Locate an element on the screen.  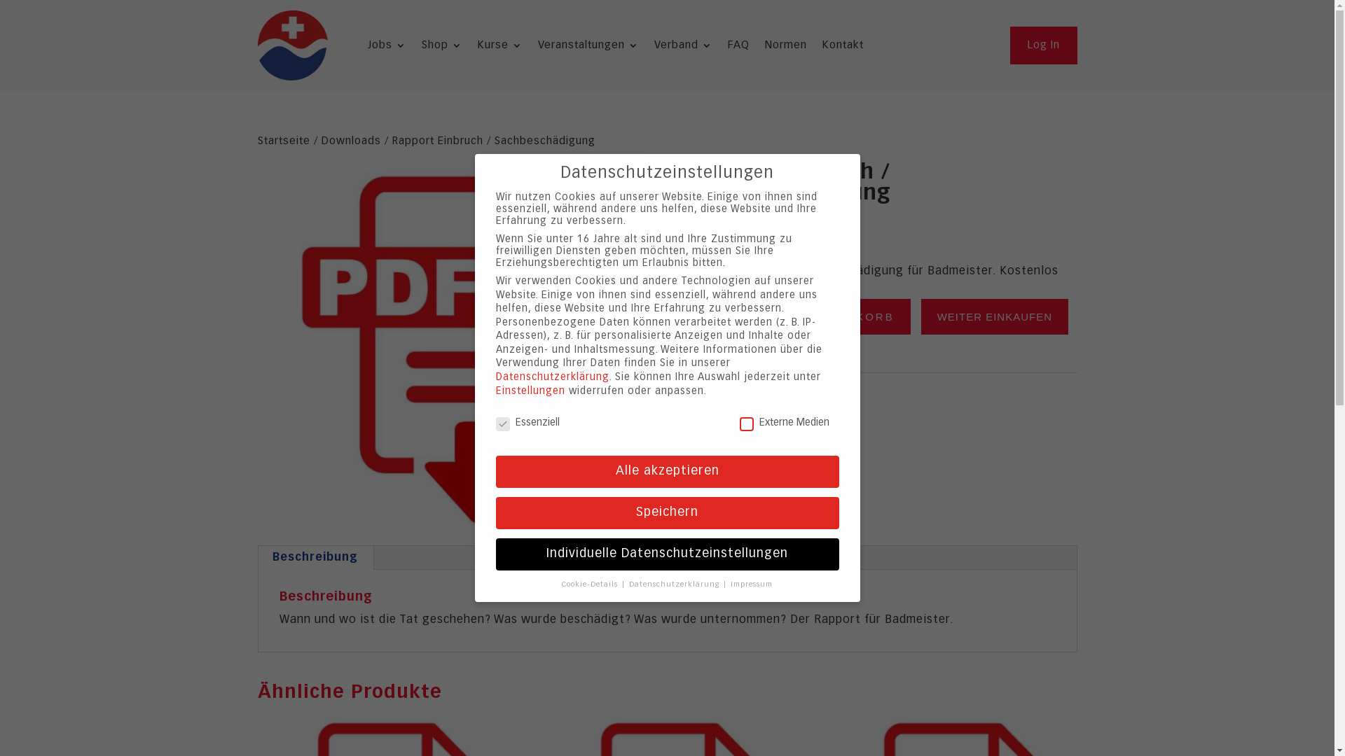
'Impressum' is located at coordinates (751, 584).